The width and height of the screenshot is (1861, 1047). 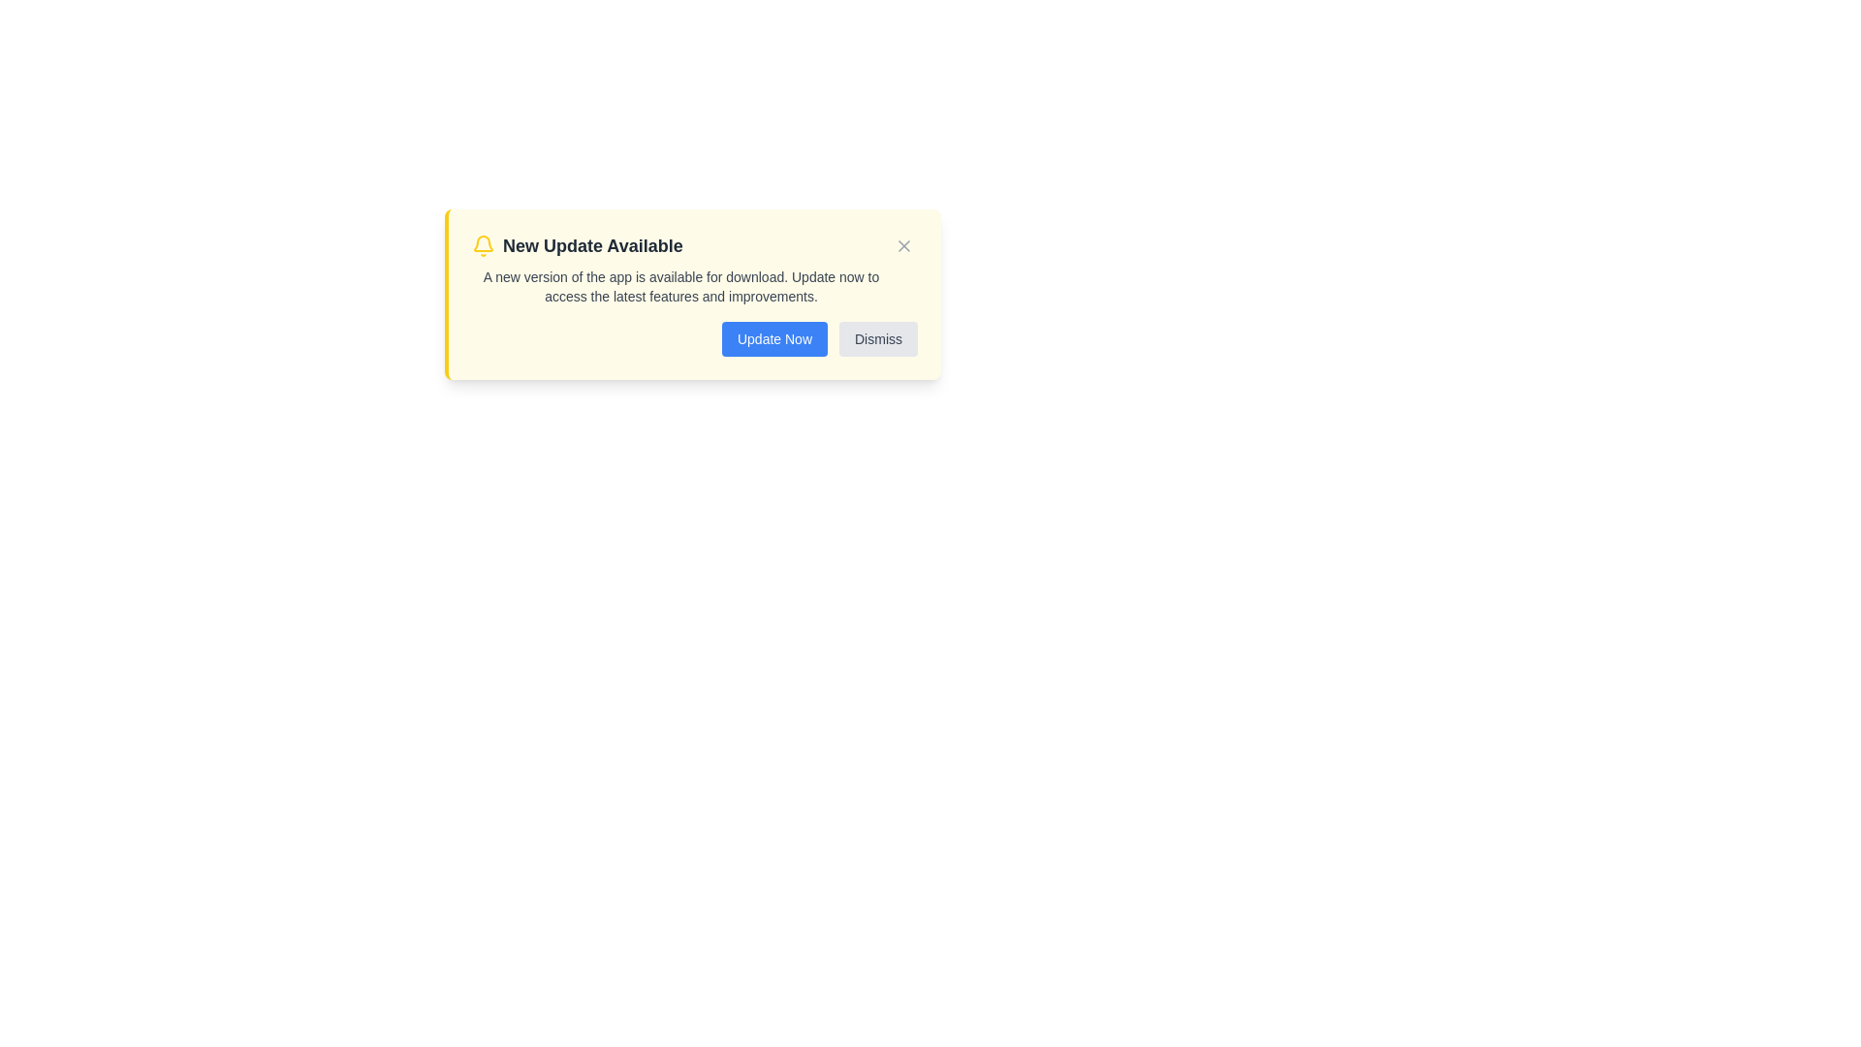 I want to click on the 'Dismiss' button to close the alert, so click(x=877, y=338).